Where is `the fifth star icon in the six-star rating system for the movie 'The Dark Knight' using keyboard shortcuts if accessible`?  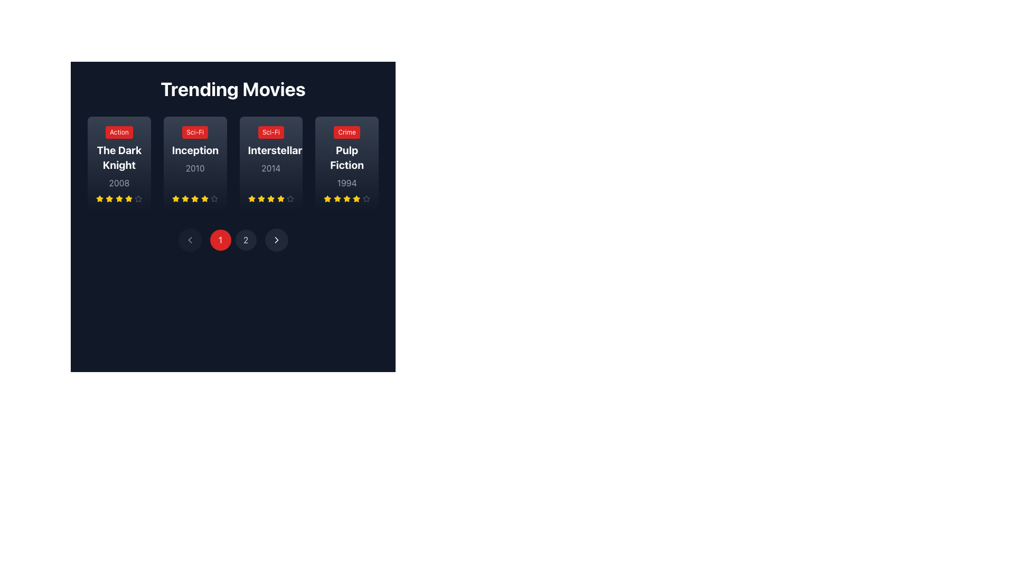 the fifth star icon in the six-star rating system for the movie 'The Dark Knight' using keyboard shortcuts if accessible is located at coordinates (128, 198).